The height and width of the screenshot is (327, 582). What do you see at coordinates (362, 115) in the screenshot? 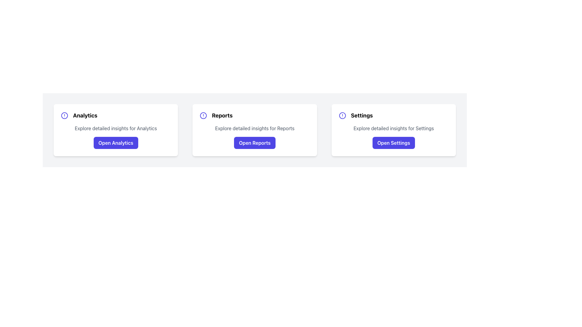
I see `the bold 'Settings' text element, which is styled as a headline and located in the second column of the 'Settings' section` at bounding box center [362, 115].